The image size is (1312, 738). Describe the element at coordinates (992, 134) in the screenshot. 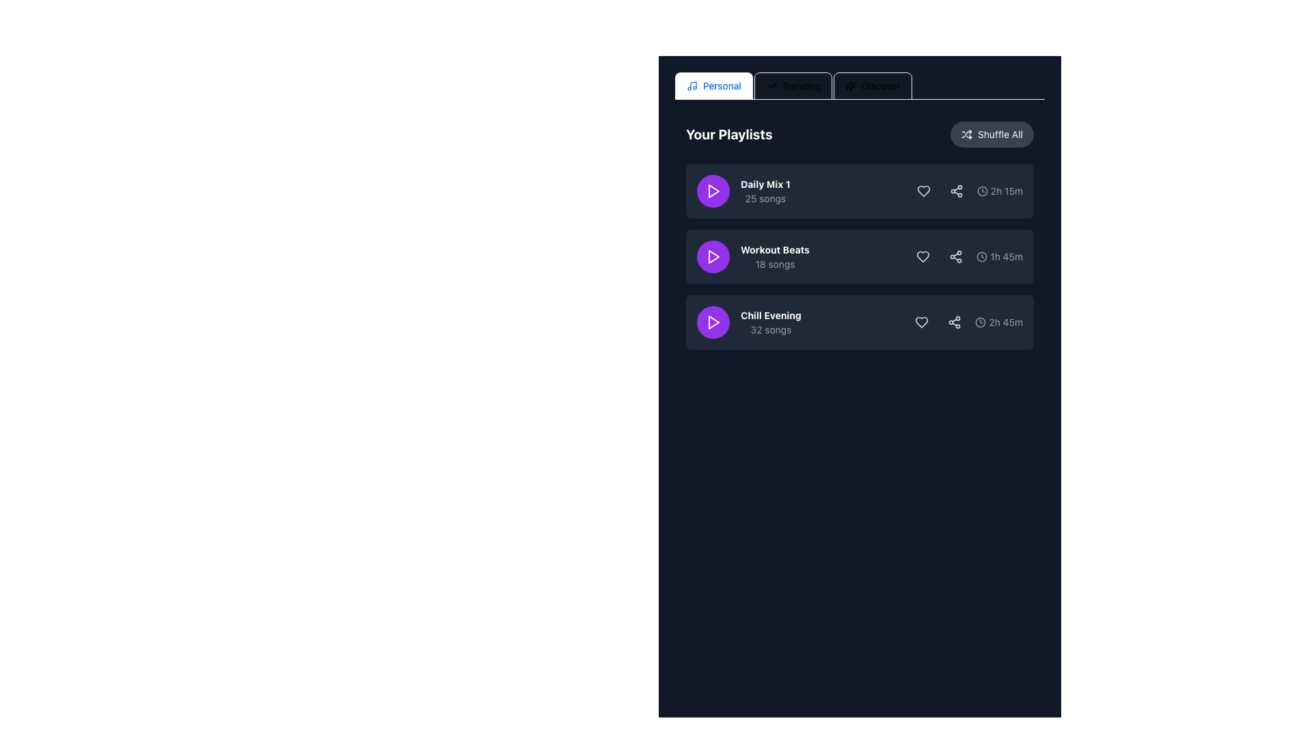

I see `the shuffle button located in the top-right area of the 'Your Playlists' section to initiate the shuffle action across the playlist` at that location.